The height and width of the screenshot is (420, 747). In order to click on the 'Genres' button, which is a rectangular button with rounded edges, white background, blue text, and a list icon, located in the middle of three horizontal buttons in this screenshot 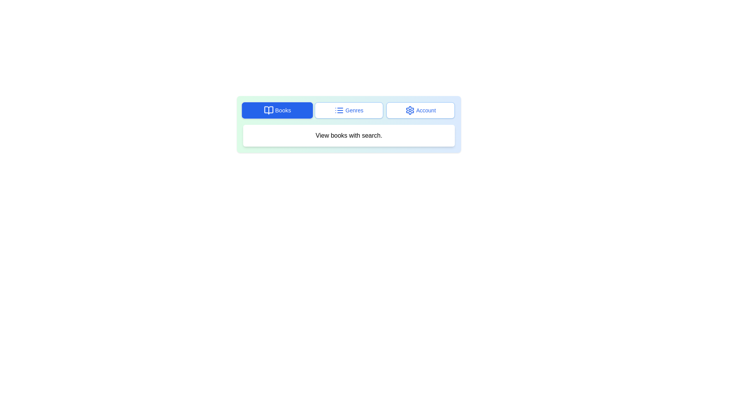, I will do `click(349, 110)`.